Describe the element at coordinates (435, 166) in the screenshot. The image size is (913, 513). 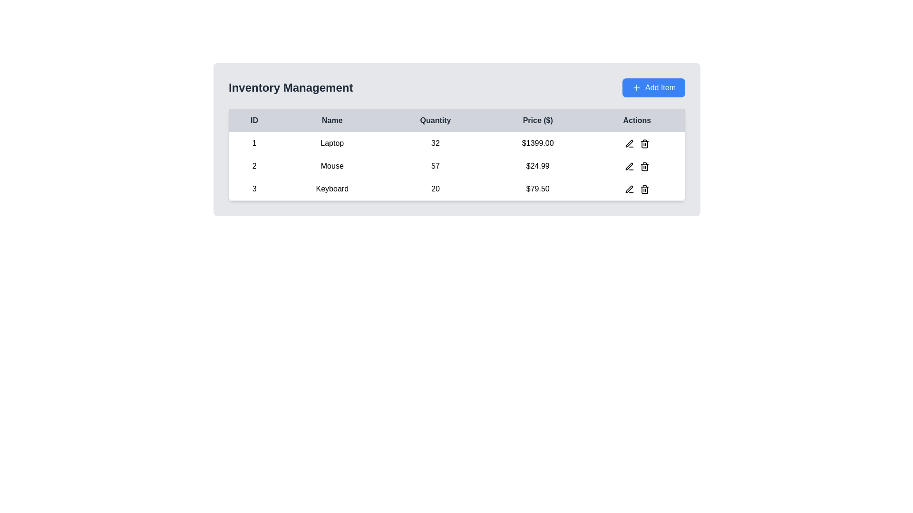
I see `the text label element displaying '57' in the 'Quantity' column of the table, located in the second row, next to the 'Mouse' cell on the left and the '$24.99' cell on the right` at that location.